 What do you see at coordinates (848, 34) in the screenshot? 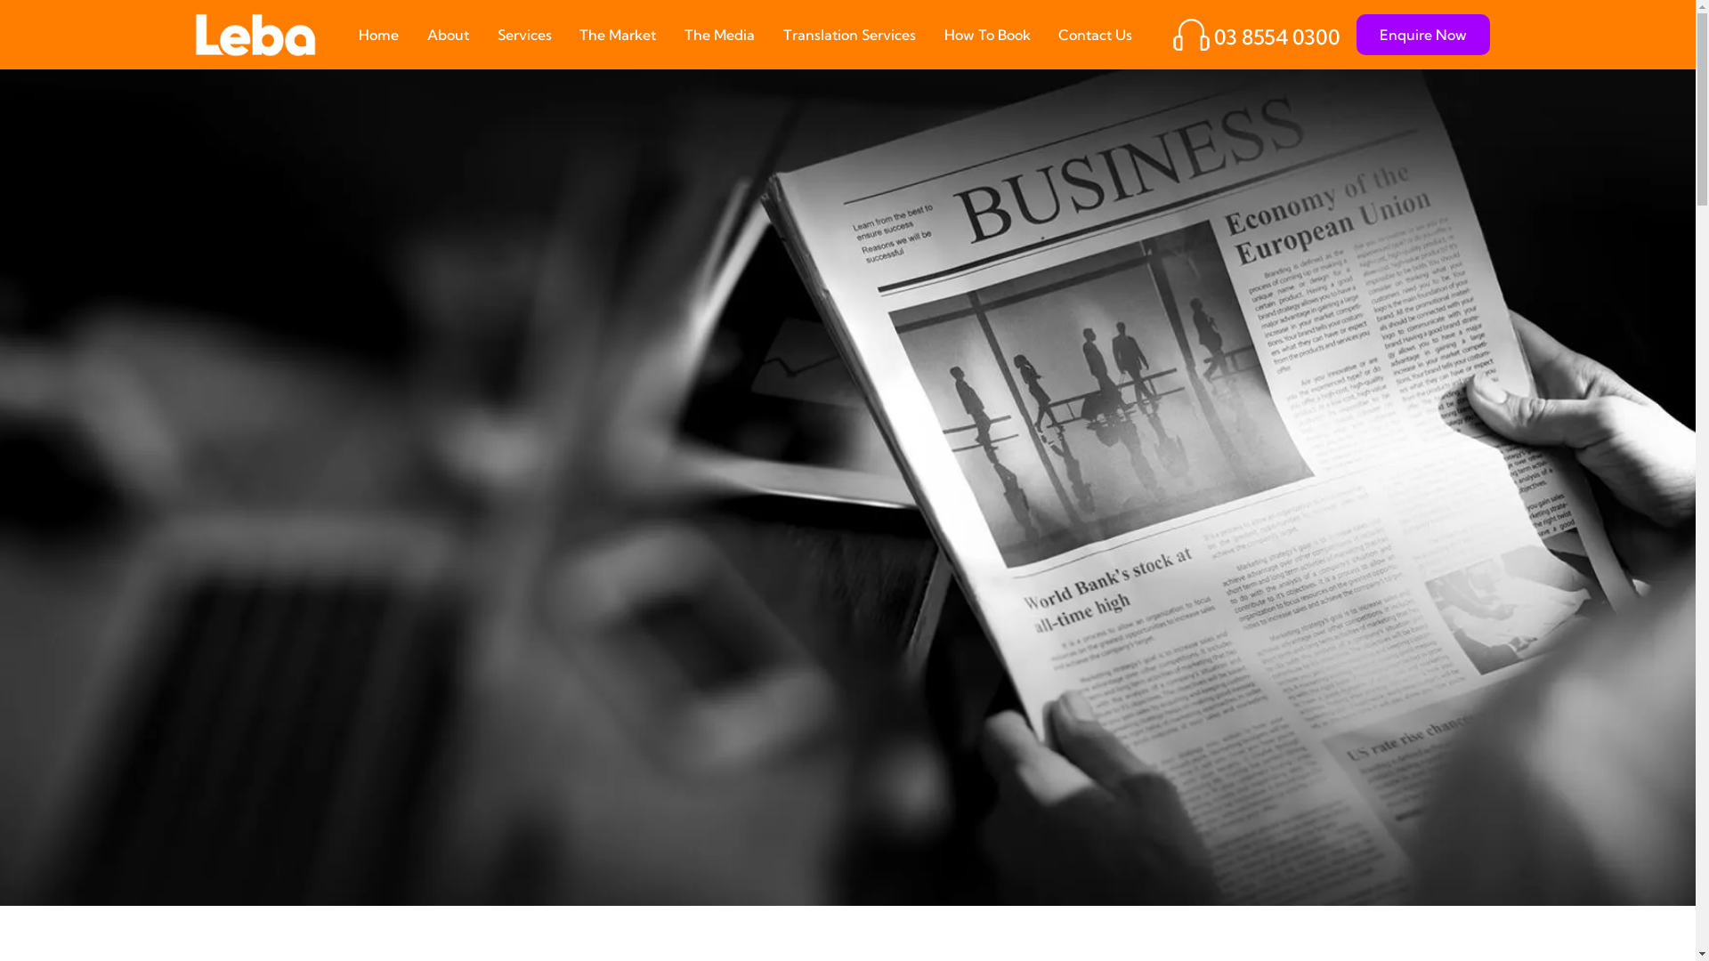
I see `'Translation Services'` at bounding box center [848, 34].